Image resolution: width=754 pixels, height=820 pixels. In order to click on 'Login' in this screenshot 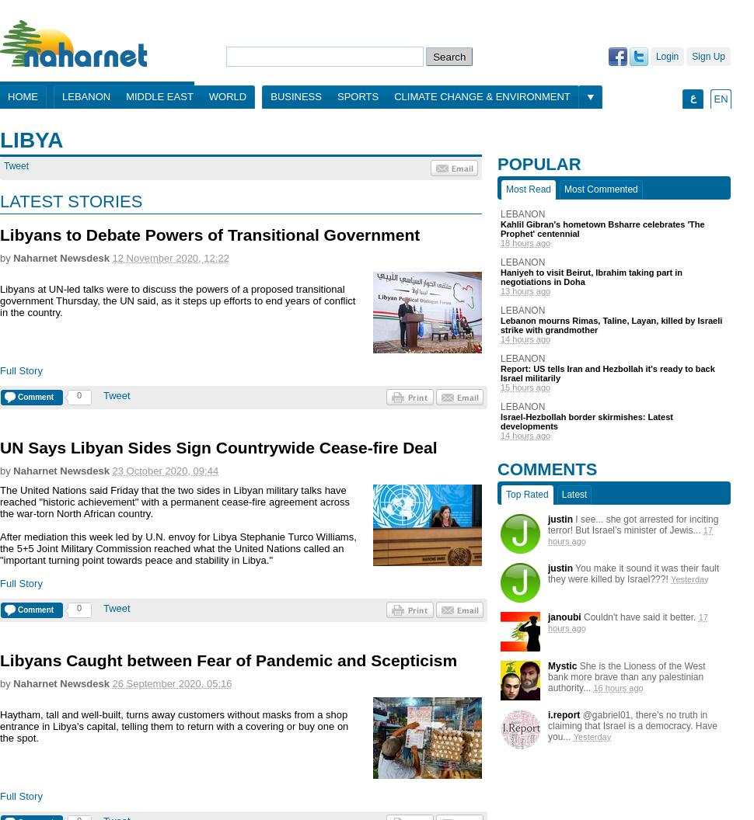, I will do `click(655, 55)`.